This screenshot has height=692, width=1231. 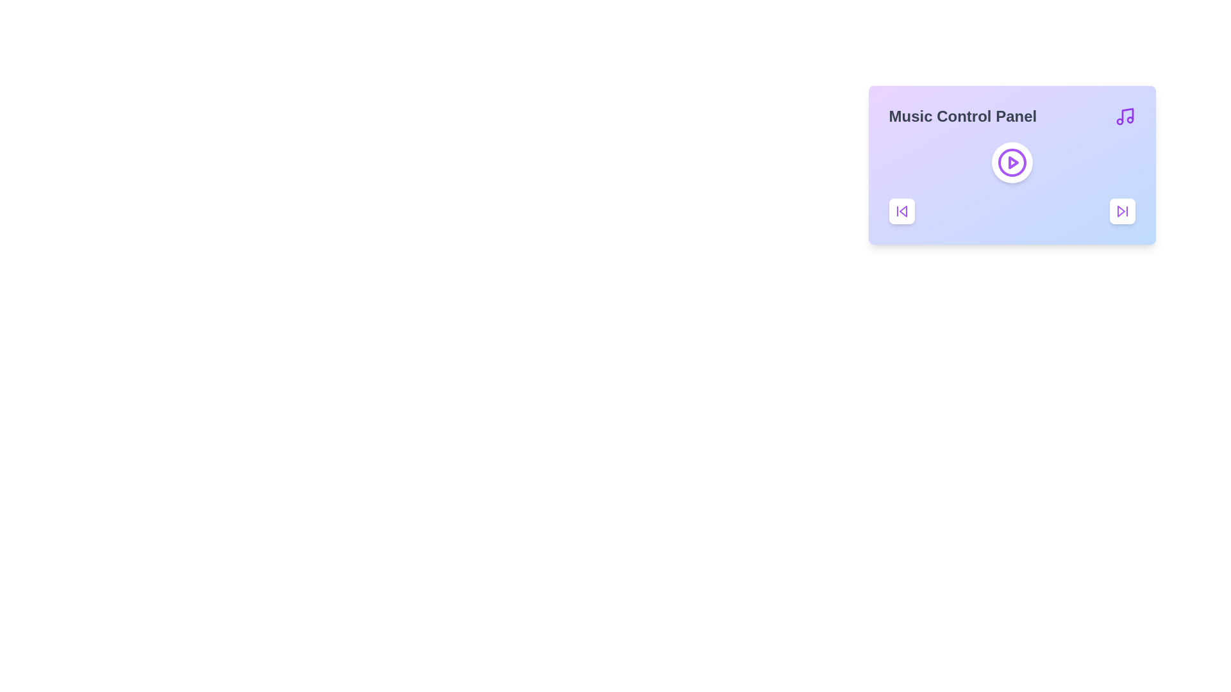 I want to click on the buttons in the Music Control Panel to change their appearance or trigger tooltips, so click(x=1011, y=165).